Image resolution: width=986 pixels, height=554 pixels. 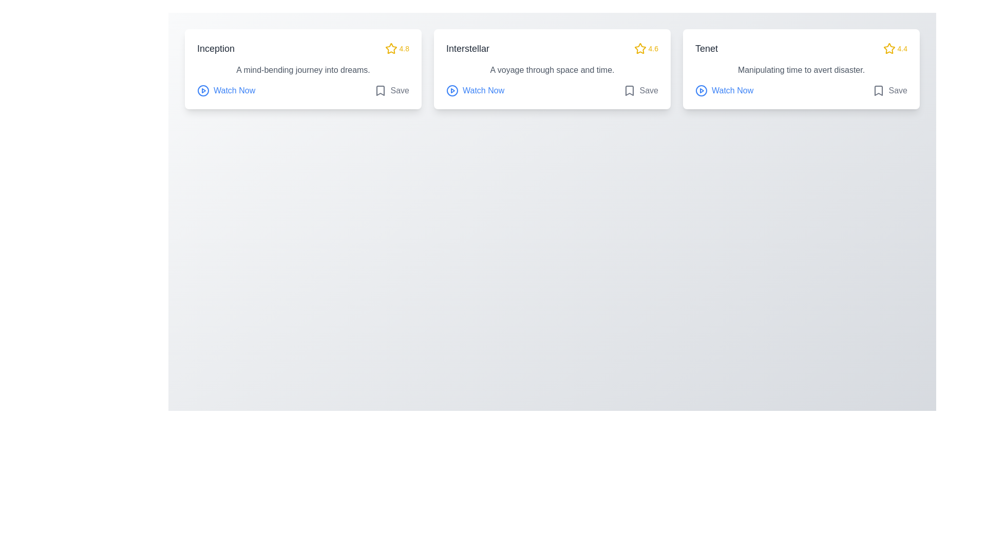 What do you see at coordinates (878, 90) in the screenshot?
I see `the bookmark icon for the movie 'Tenet'` at bounding box center [878, 90].